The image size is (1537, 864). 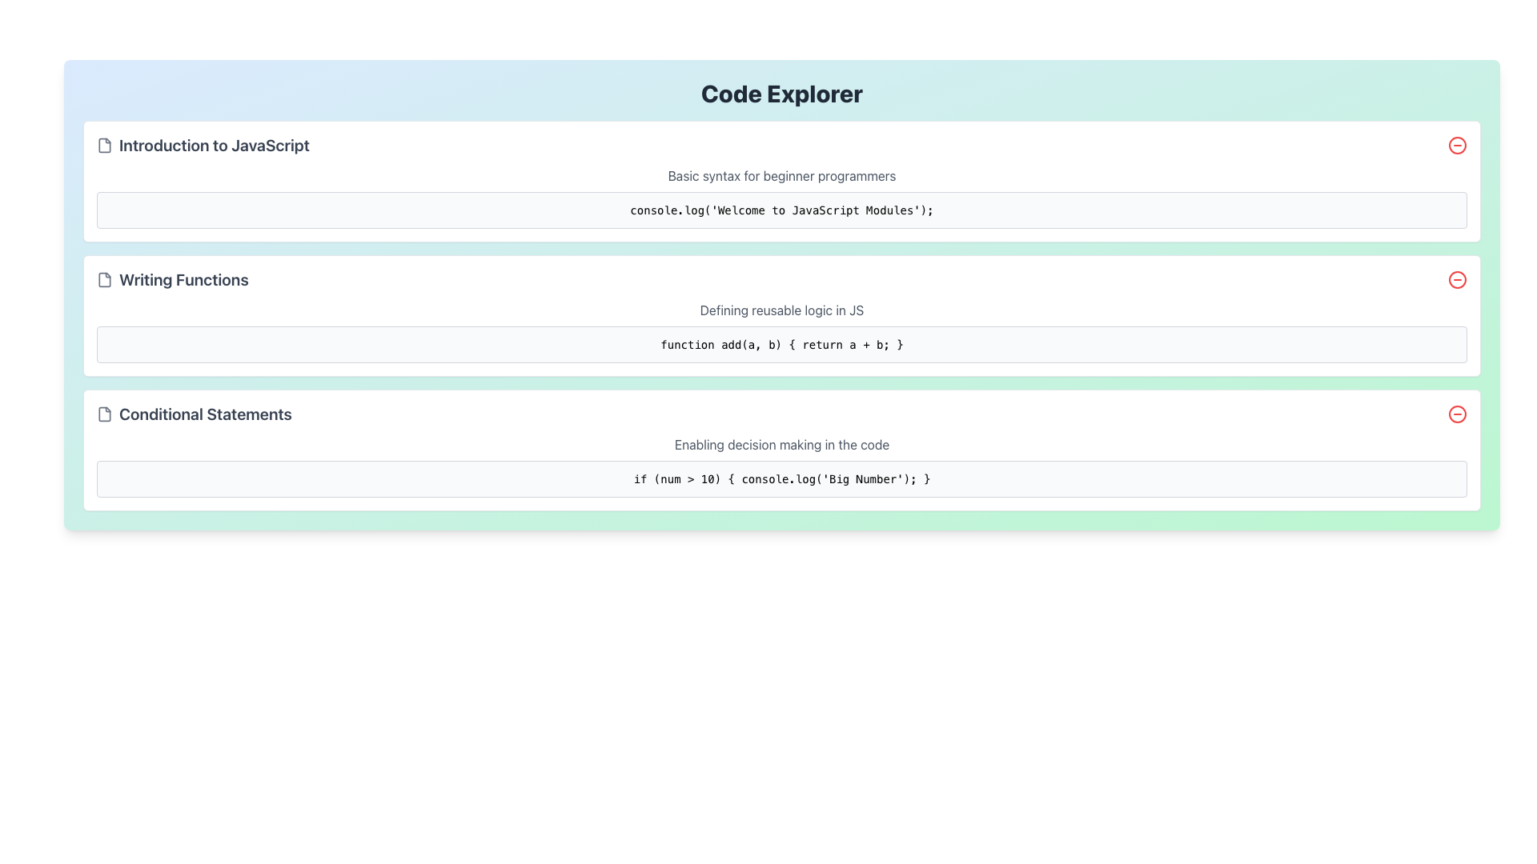 What do you see at coordinates (782, 175) in the screenshot?
I see `introductory static text label located in the 'Introduction to JavaScript' section, positioned directly above the code snippet 'console.log('Welcome to JavaScript Modules');'` at bounding box center [782, 175].